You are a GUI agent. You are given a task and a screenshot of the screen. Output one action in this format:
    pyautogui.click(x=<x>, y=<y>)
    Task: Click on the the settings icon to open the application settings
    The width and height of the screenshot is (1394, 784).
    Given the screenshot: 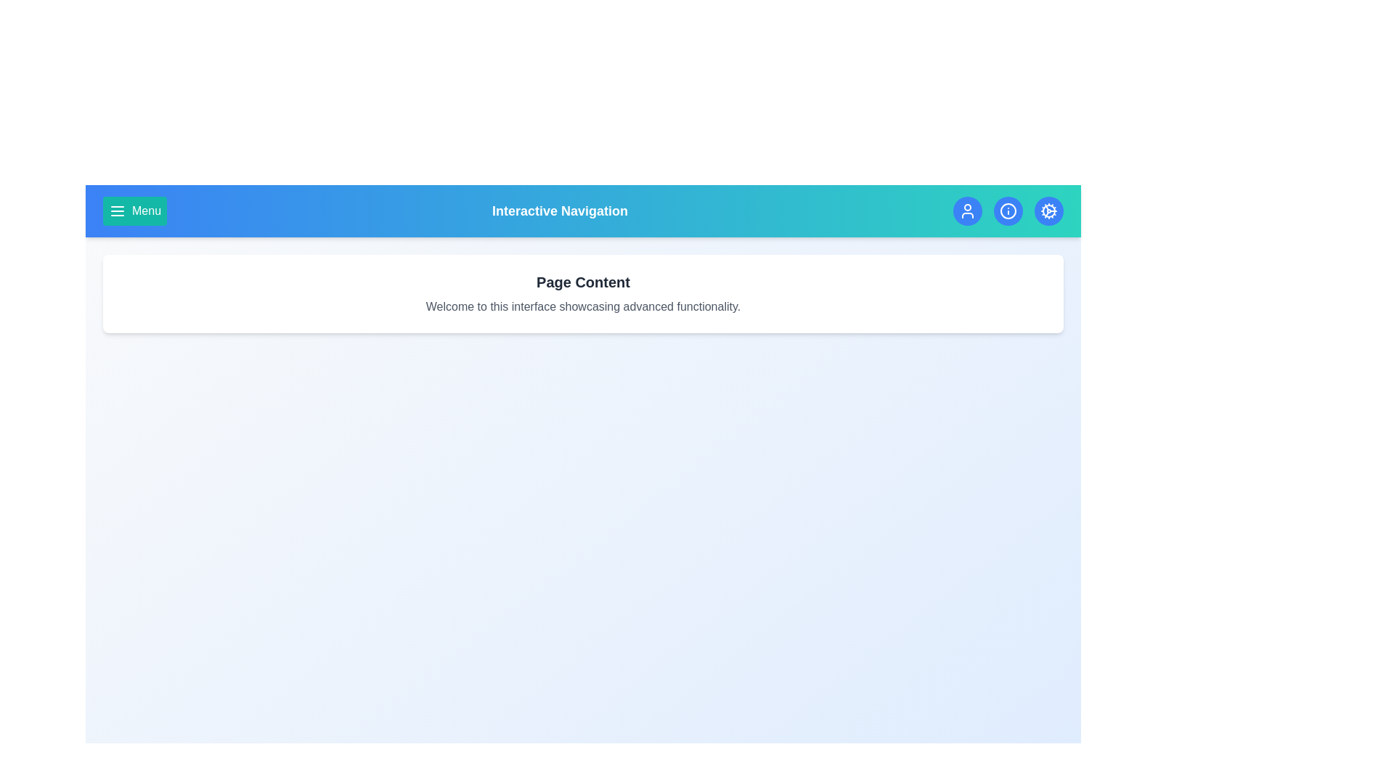 What is the action you would take?
    pyautogui.click(x=1048, y=211)
    